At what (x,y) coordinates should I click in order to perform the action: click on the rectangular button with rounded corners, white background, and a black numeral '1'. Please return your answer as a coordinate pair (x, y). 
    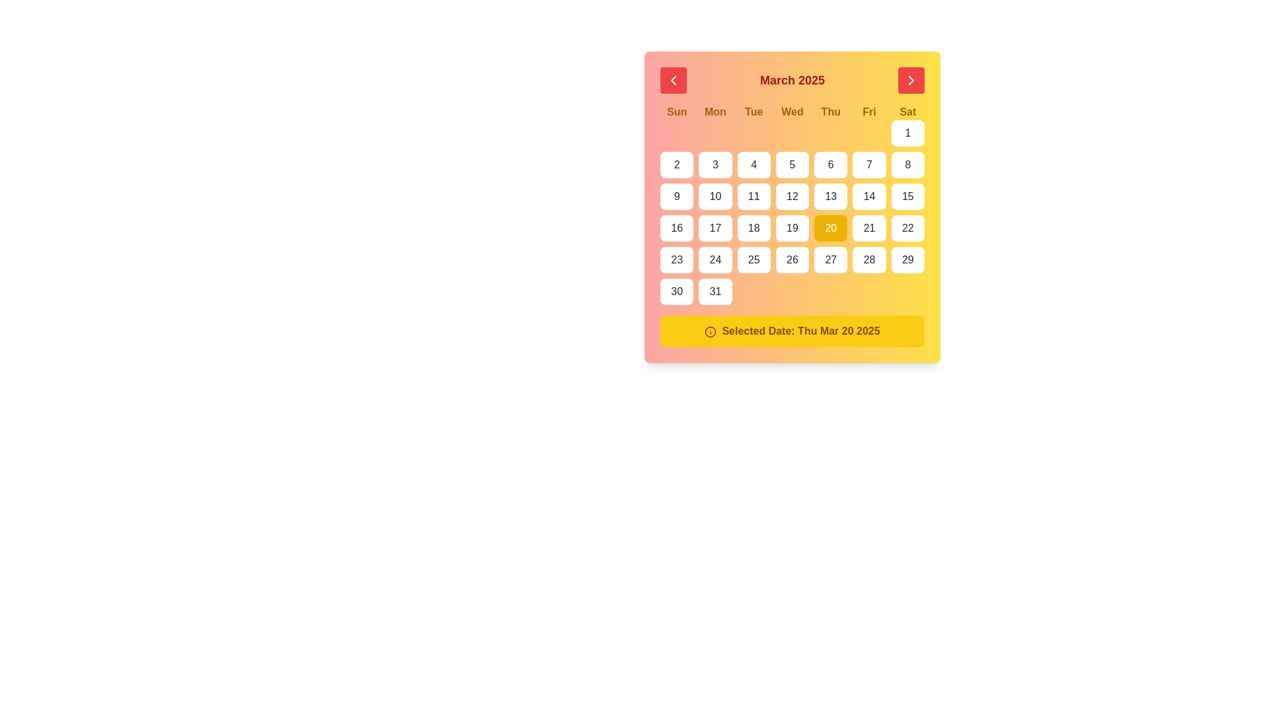
    Looking at the image, I should click on (907, 133).